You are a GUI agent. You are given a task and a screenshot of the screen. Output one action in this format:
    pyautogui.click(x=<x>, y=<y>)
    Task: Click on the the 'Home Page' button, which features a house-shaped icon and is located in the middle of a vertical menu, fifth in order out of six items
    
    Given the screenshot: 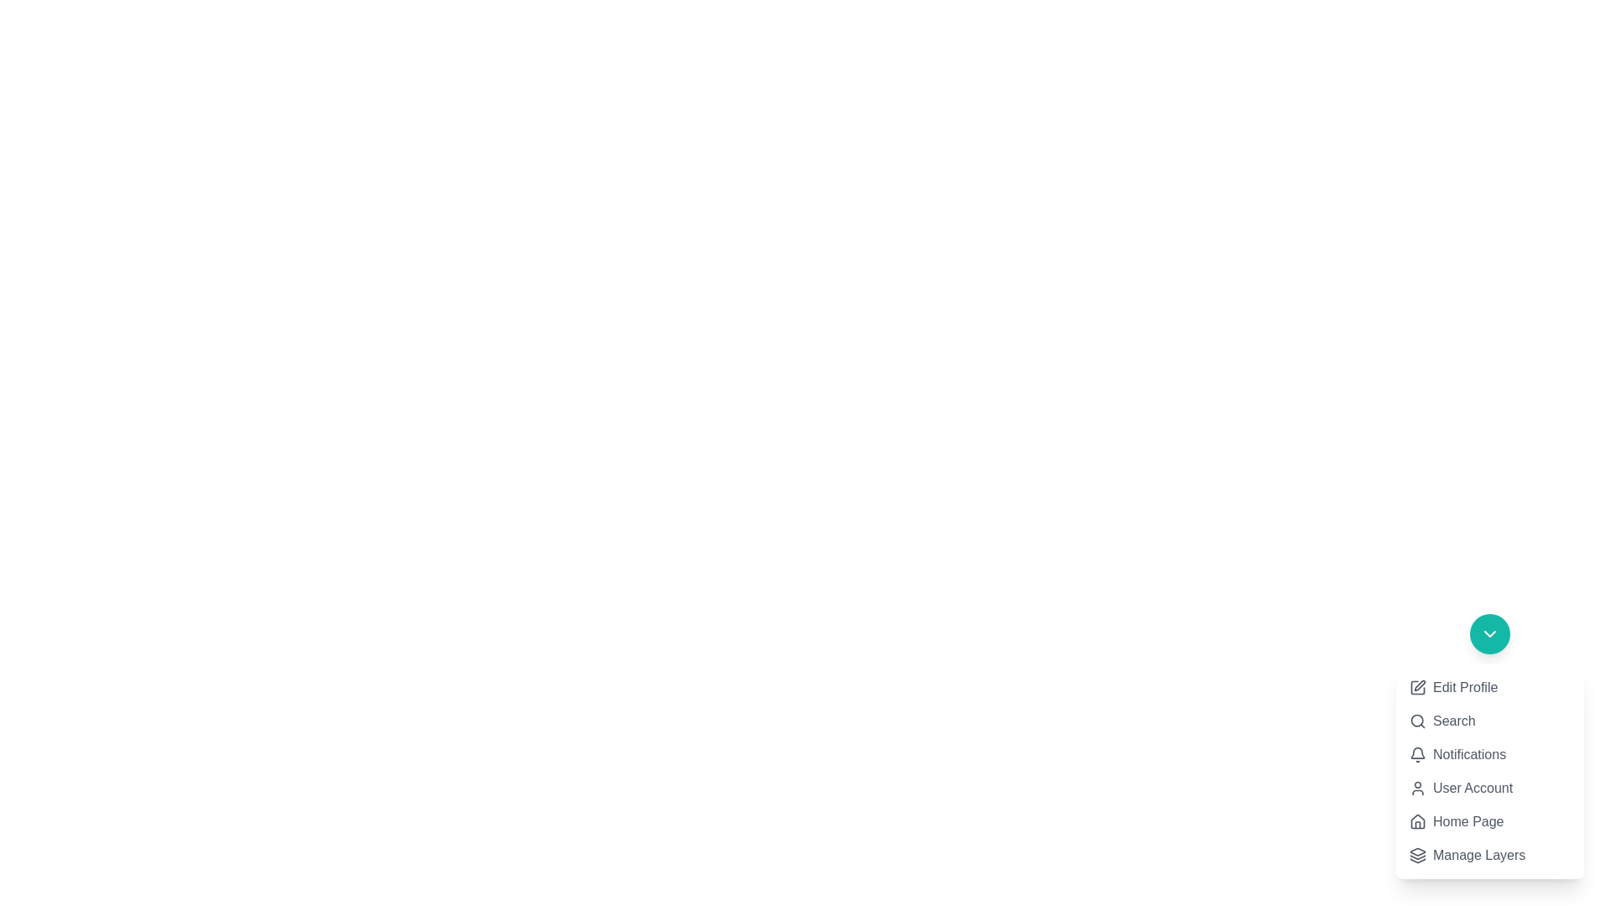 What is the action you would take?
    pyautogui.click(x=1456, y=820)
    